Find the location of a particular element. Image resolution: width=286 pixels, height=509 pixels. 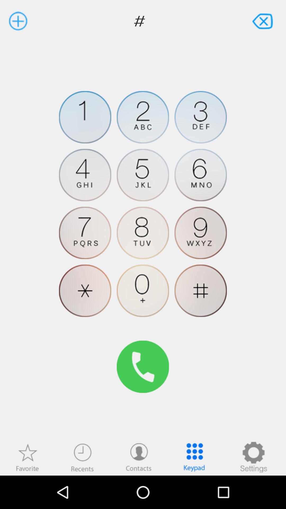

item to the right of the # app is located at coordinates (263, 21).